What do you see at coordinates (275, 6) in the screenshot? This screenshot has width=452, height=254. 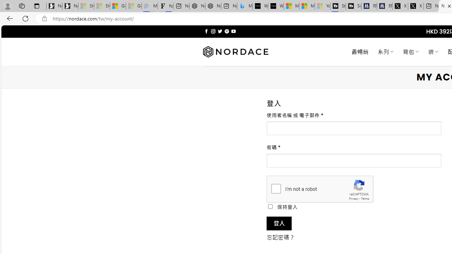 I see `'What'` at bounding box center [275, 6].